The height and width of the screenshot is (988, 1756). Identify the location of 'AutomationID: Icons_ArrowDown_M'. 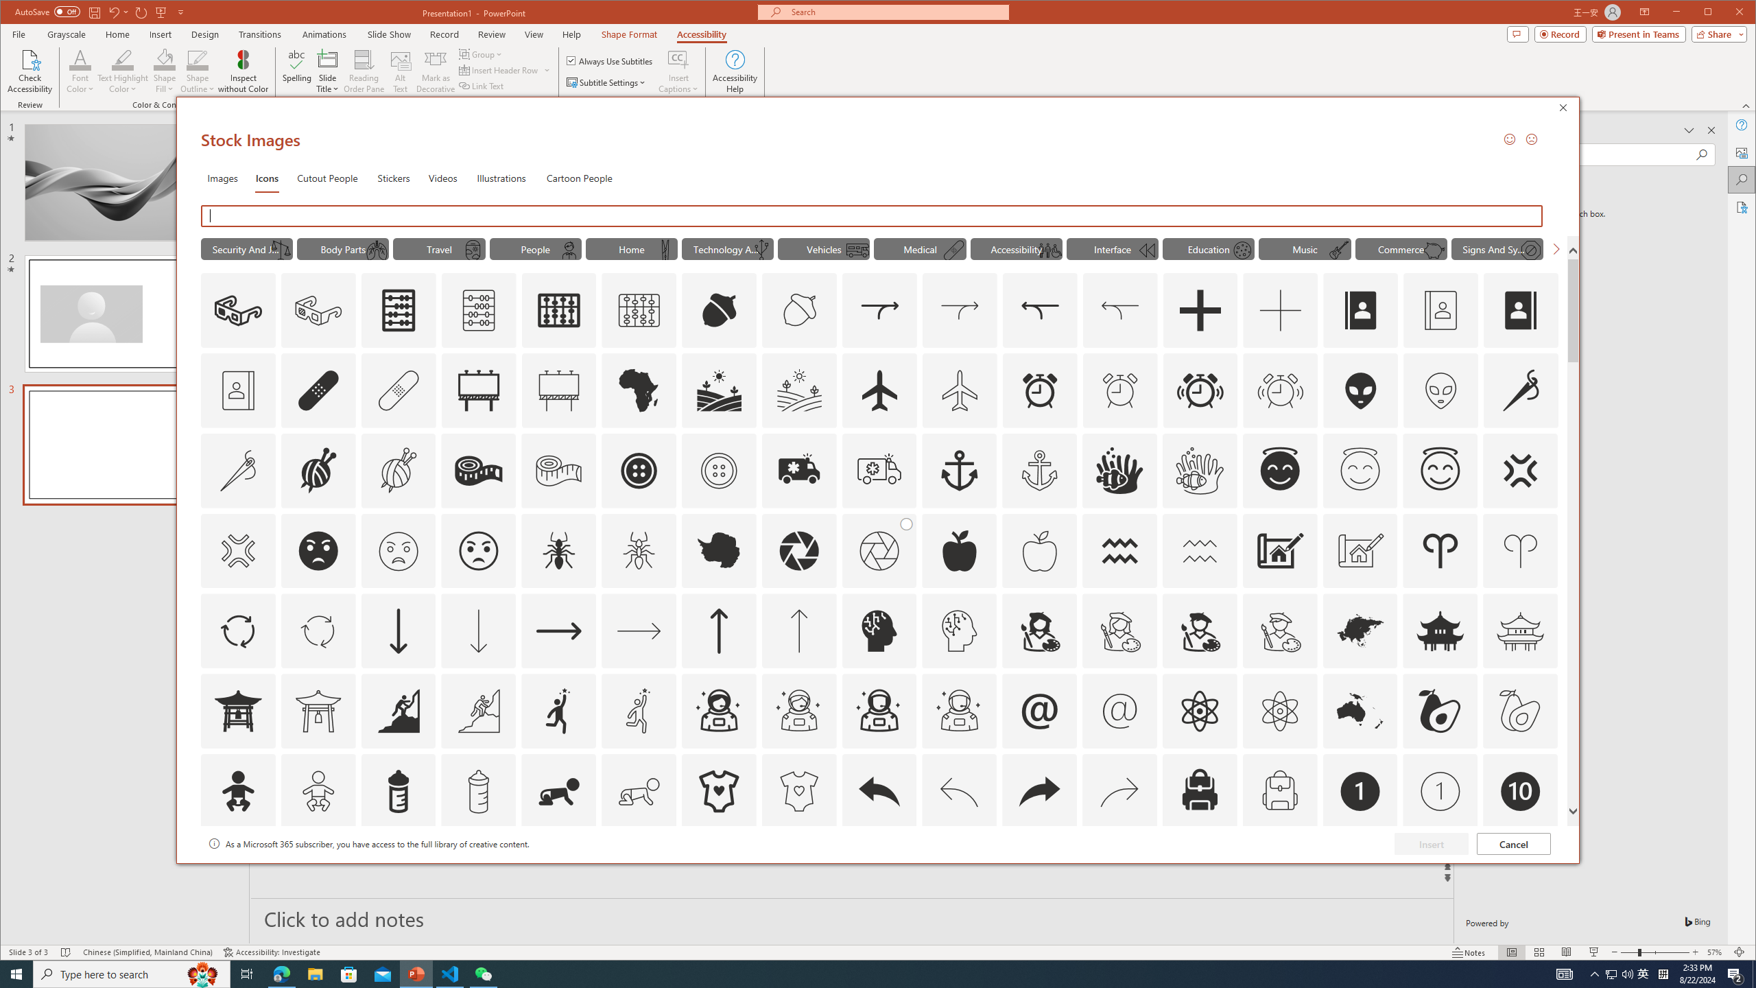
(478, 631).